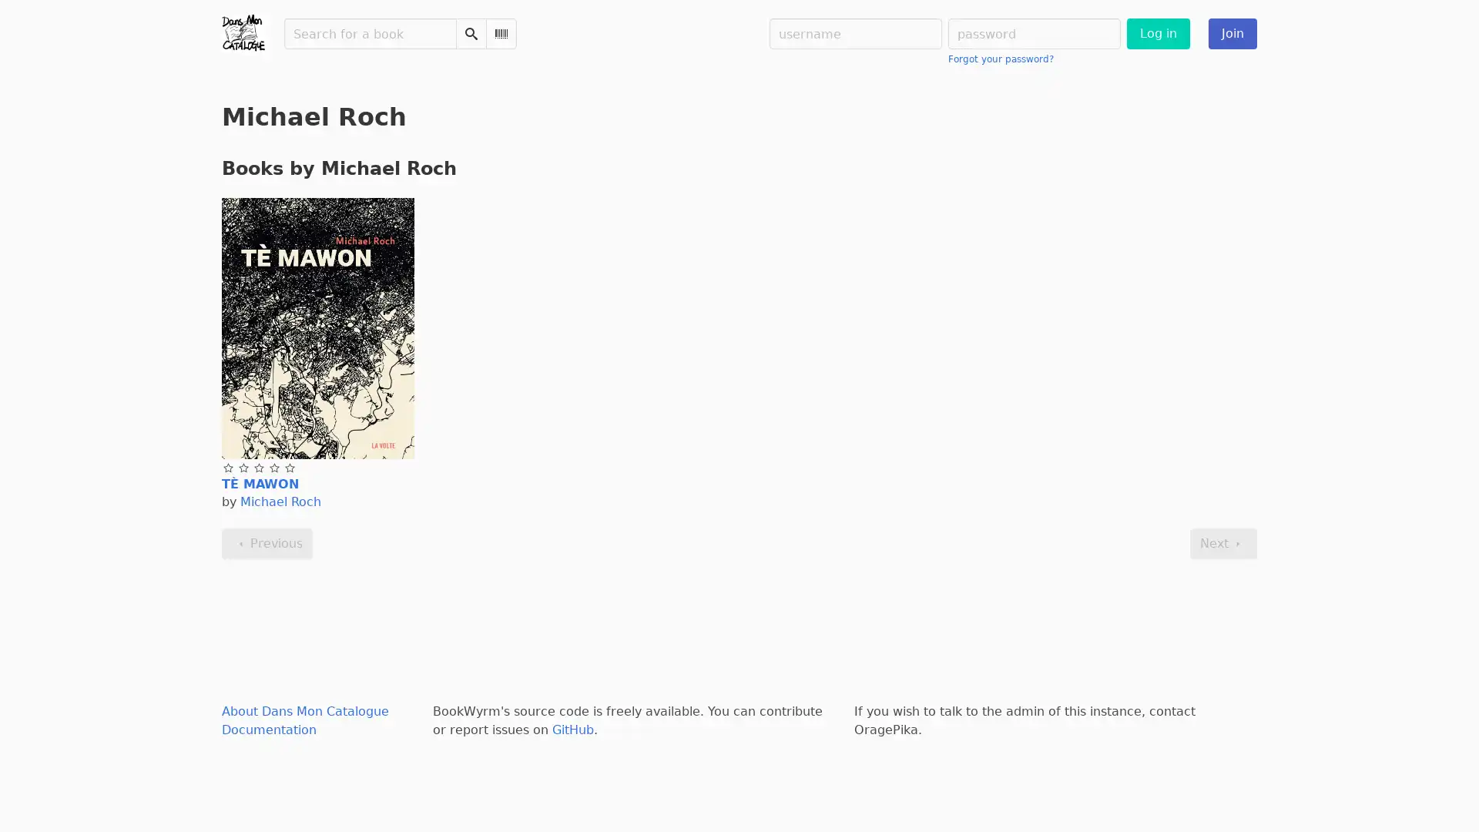 This screenshot has width=1479, height=832. I want to click on Log in, so click(1158, 33).